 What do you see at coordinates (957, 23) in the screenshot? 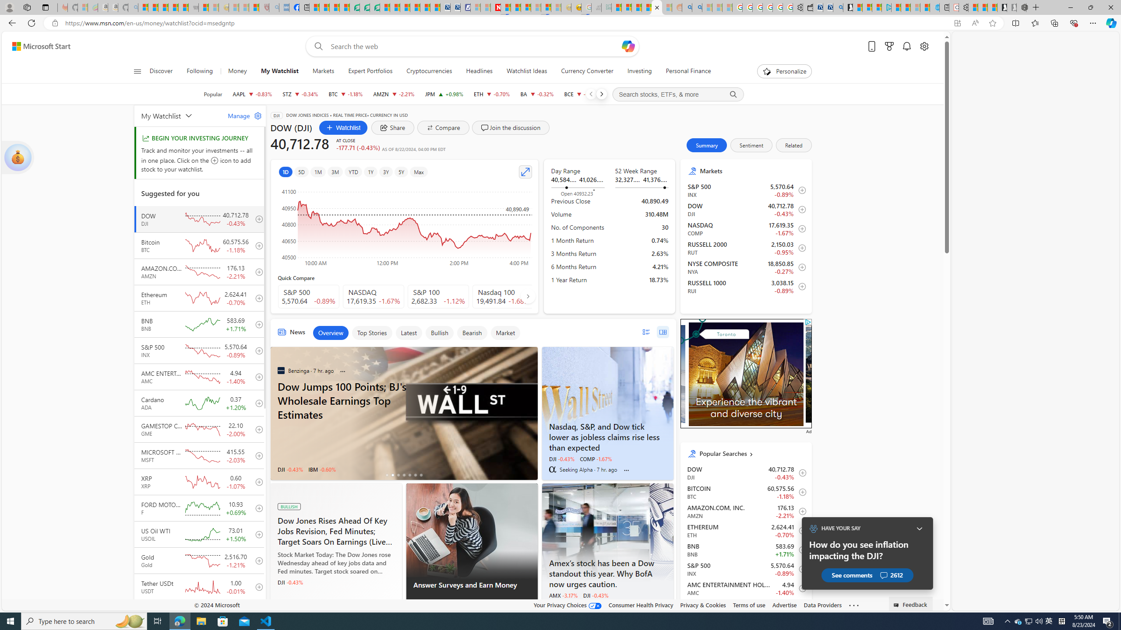
I see `'App available. Install Start Money'` at bounding box center [957, 23].